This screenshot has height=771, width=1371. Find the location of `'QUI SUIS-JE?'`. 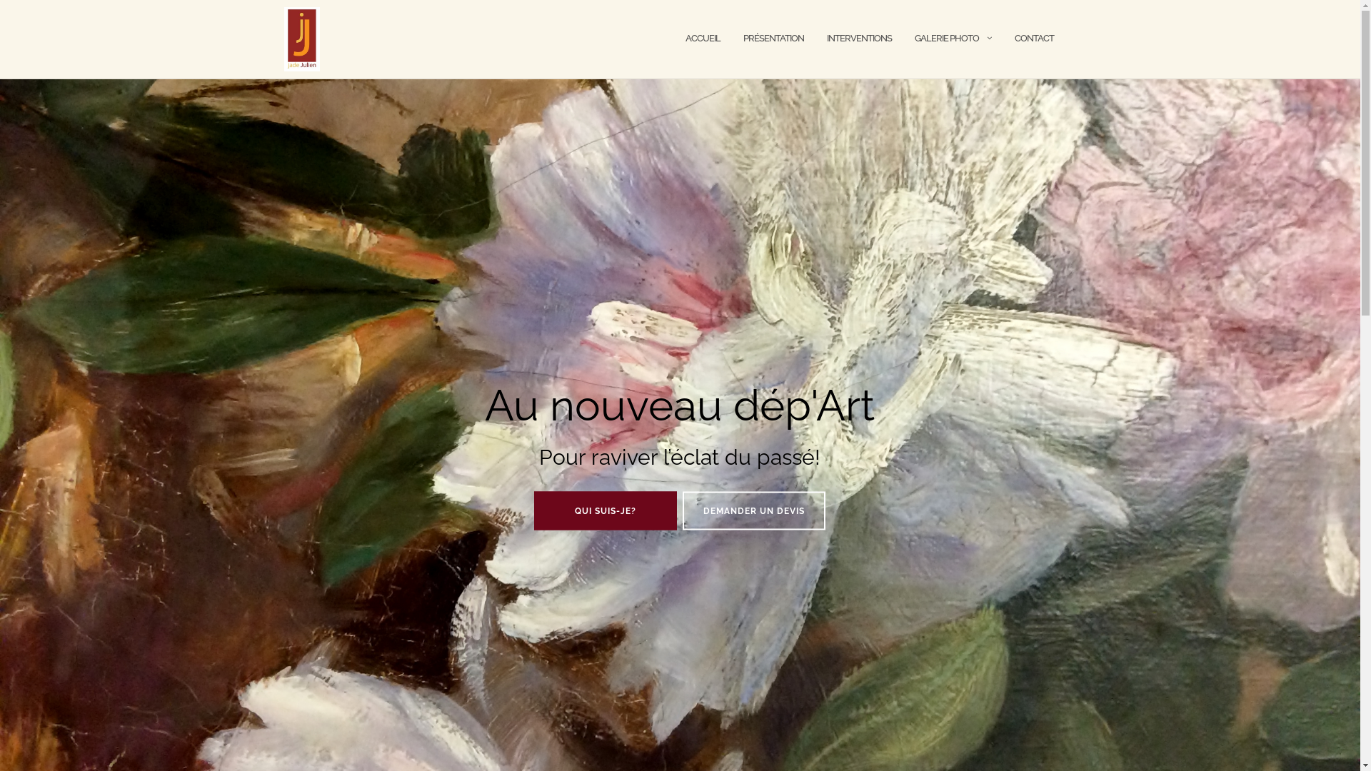

'QUI SUIS-JE?' is located at coordinates (606, 509).